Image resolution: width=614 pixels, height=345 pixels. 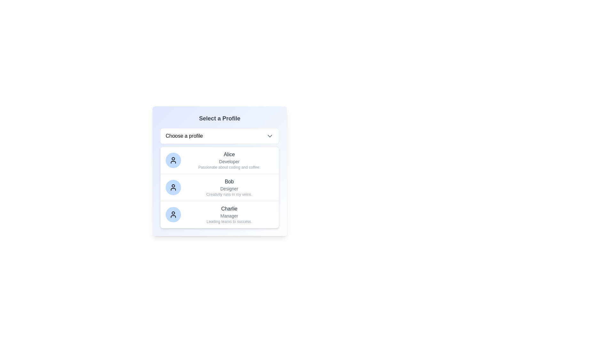 What do you see at coordinates (229, 154) in the screenshot?
I see `text displayed in the static text label that identifies the user associated with the first profile entry below the 'Select a Profile' header` at bounding box center [229, 154].